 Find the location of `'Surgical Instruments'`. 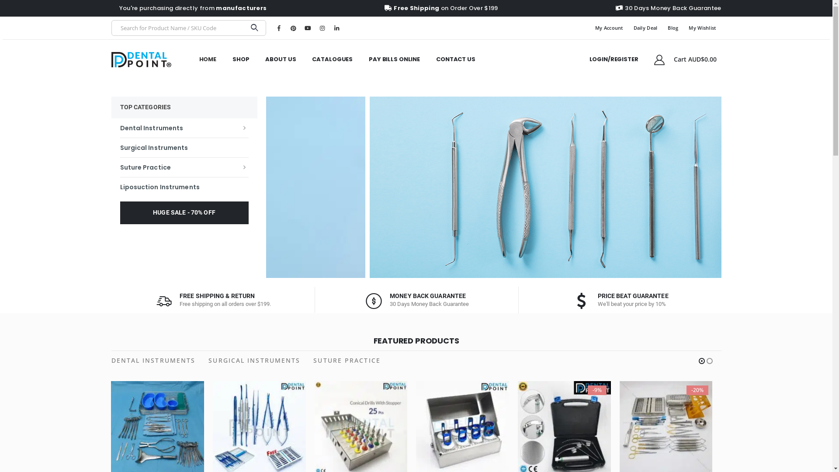

'Surgical Instruments' is located at coordinates (184, 146).